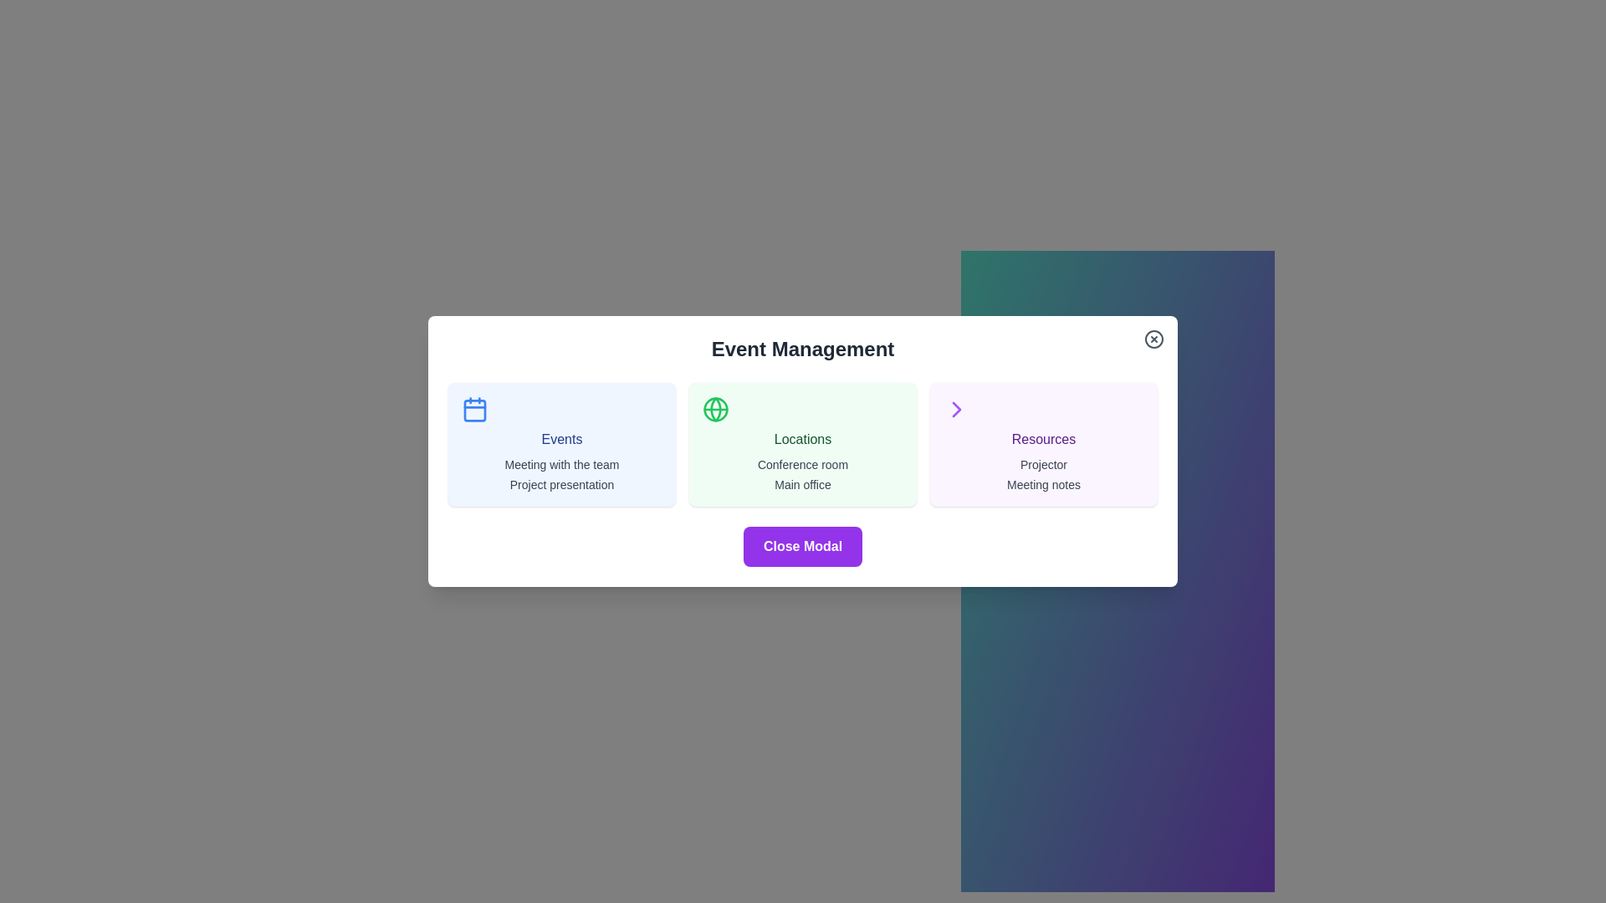 The height and width of the screenshot is (903, 1606). I want to click on text from the informational card displaying categorized information related to 'Resources,' specifically listing 'Projector' and 'Meeting notes.' This card is located in the 3-column grid layout under the 'Event Management' heading, being the third card in the grid, so click(1043, 444).